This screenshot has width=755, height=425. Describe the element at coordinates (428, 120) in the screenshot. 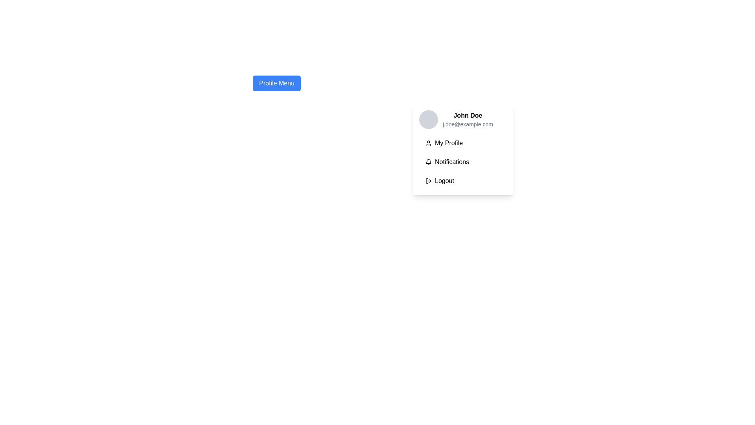

I see `the circular profile picture placeholder with a light gray background located in the upper-left corner of the user information group` at that location.